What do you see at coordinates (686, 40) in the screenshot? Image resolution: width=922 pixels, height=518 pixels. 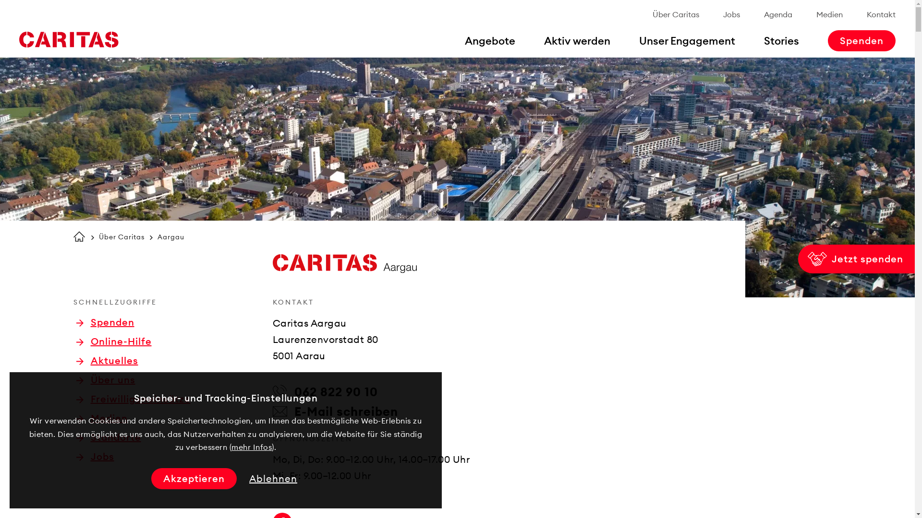 I see `'Unser Engagement'` at bounding box center [686, 40].